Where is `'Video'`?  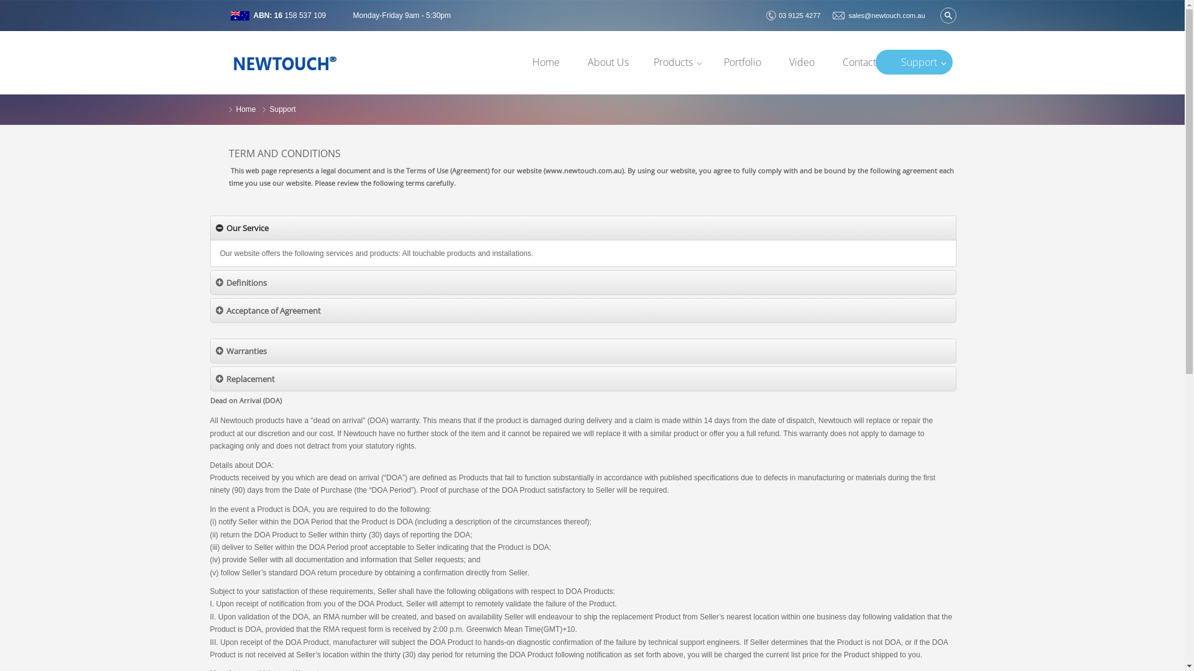 'Video' is located at coordinates (802, 62).